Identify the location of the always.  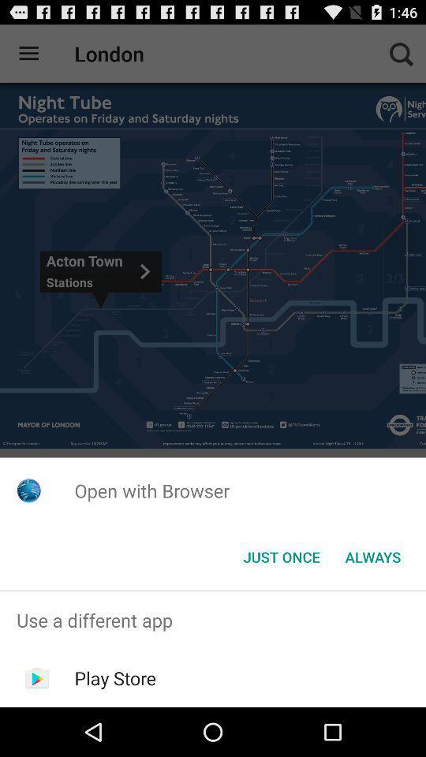
(372, 557).